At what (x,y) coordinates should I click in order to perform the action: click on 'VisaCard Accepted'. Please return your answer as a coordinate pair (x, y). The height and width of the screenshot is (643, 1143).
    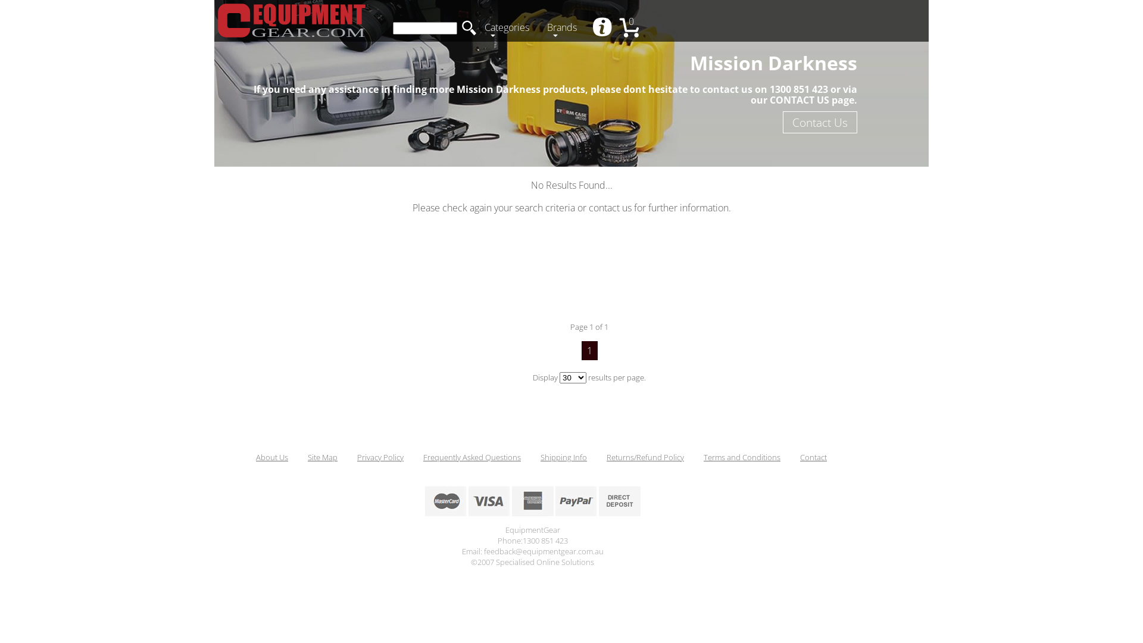
    Looking at the image, I should click on (488, 501).